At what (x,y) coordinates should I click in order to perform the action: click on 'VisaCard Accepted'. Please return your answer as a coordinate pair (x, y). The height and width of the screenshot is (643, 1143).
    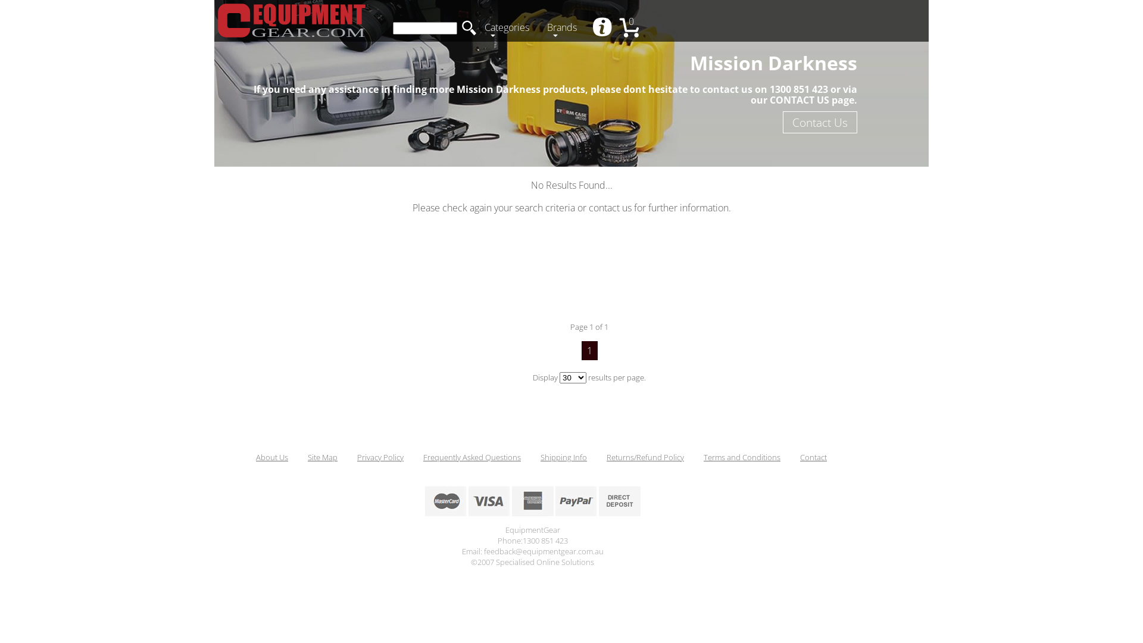
    Looking at the image, I should click on (488, 501).